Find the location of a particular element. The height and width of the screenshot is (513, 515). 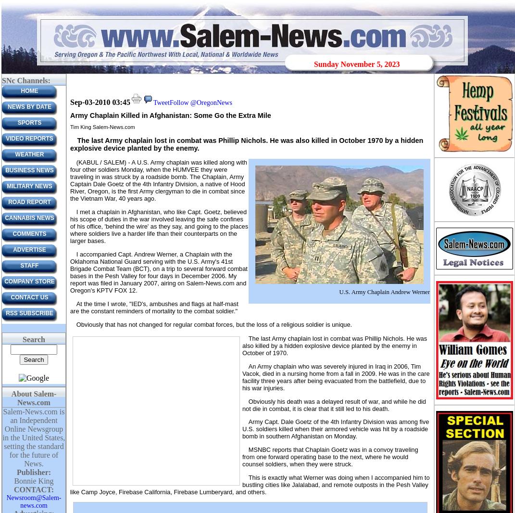

'Road Report' is located at coordinates (29, 202).